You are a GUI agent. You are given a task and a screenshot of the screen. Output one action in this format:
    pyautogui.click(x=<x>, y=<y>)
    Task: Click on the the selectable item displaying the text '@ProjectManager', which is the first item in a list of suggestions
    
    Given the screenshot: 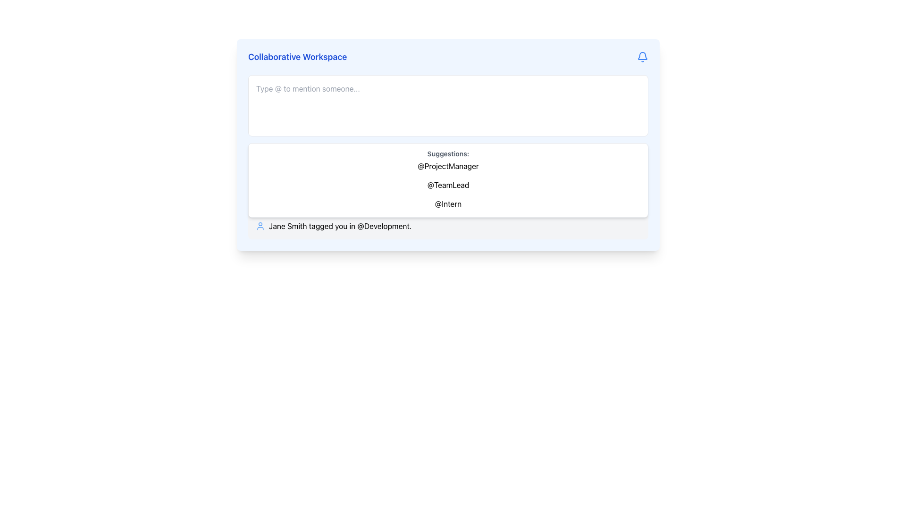 What is the action you would take?
    pyautogui.click(x=448, y=165)
    